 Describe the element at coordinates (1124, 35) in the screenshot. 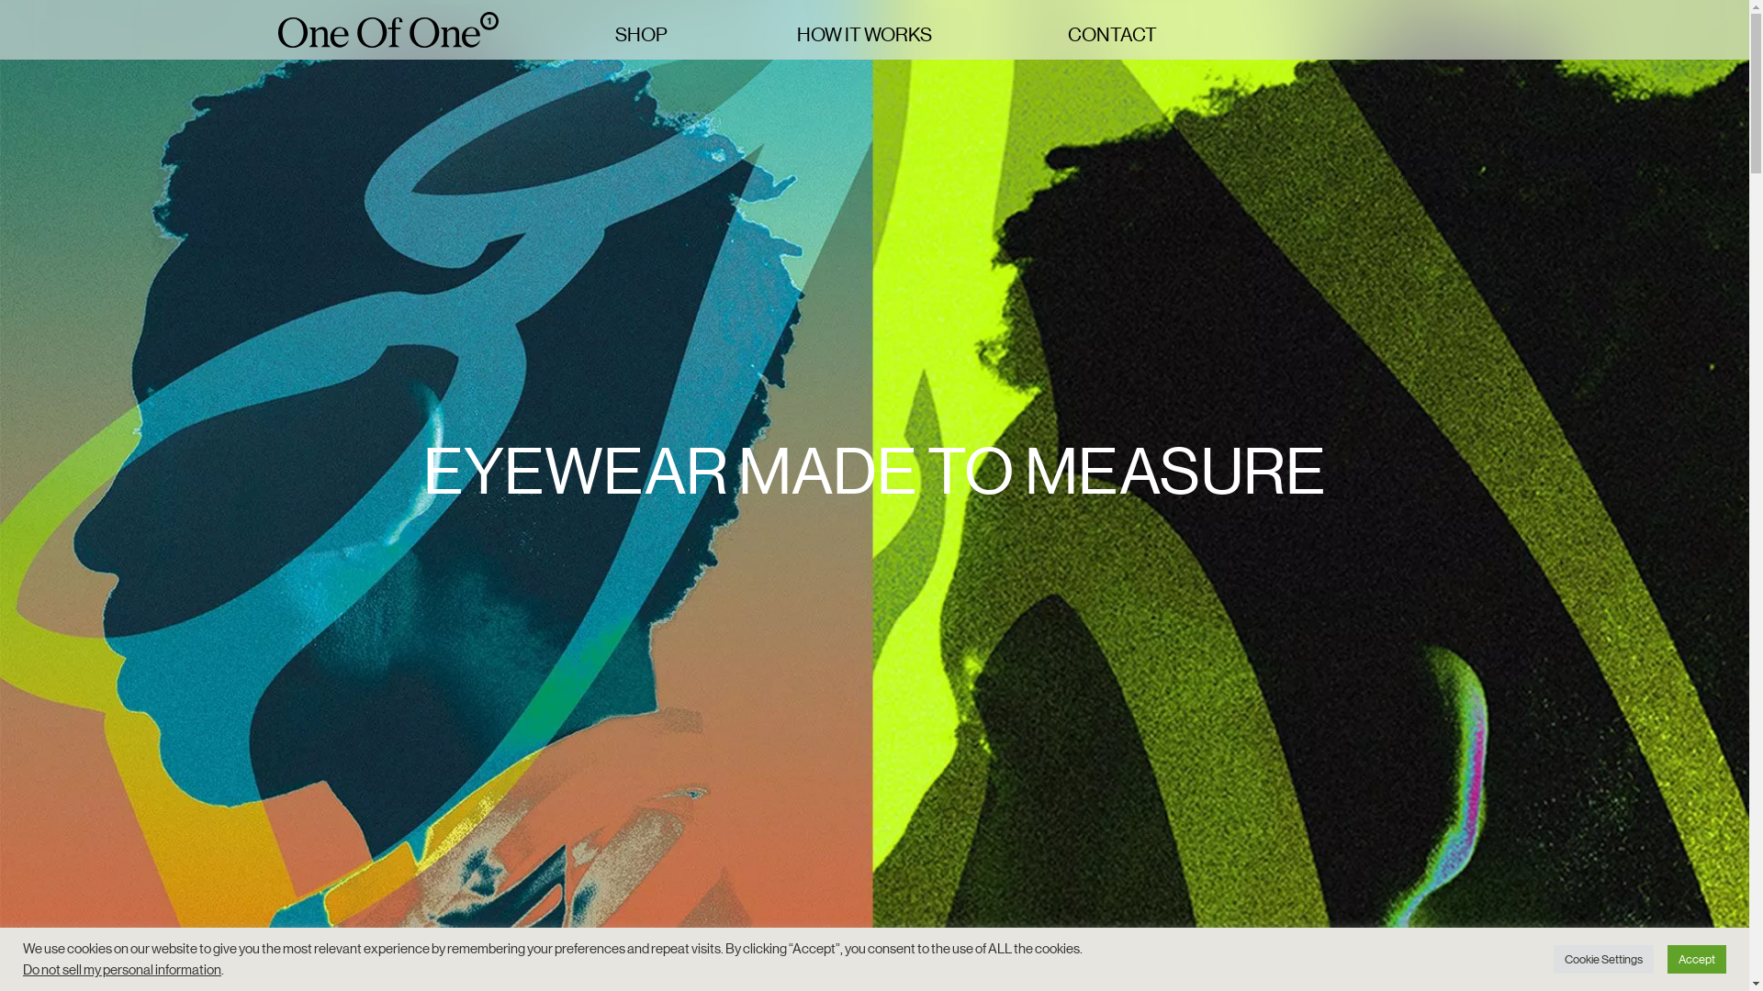

I see `'CONTACT'` at that location.